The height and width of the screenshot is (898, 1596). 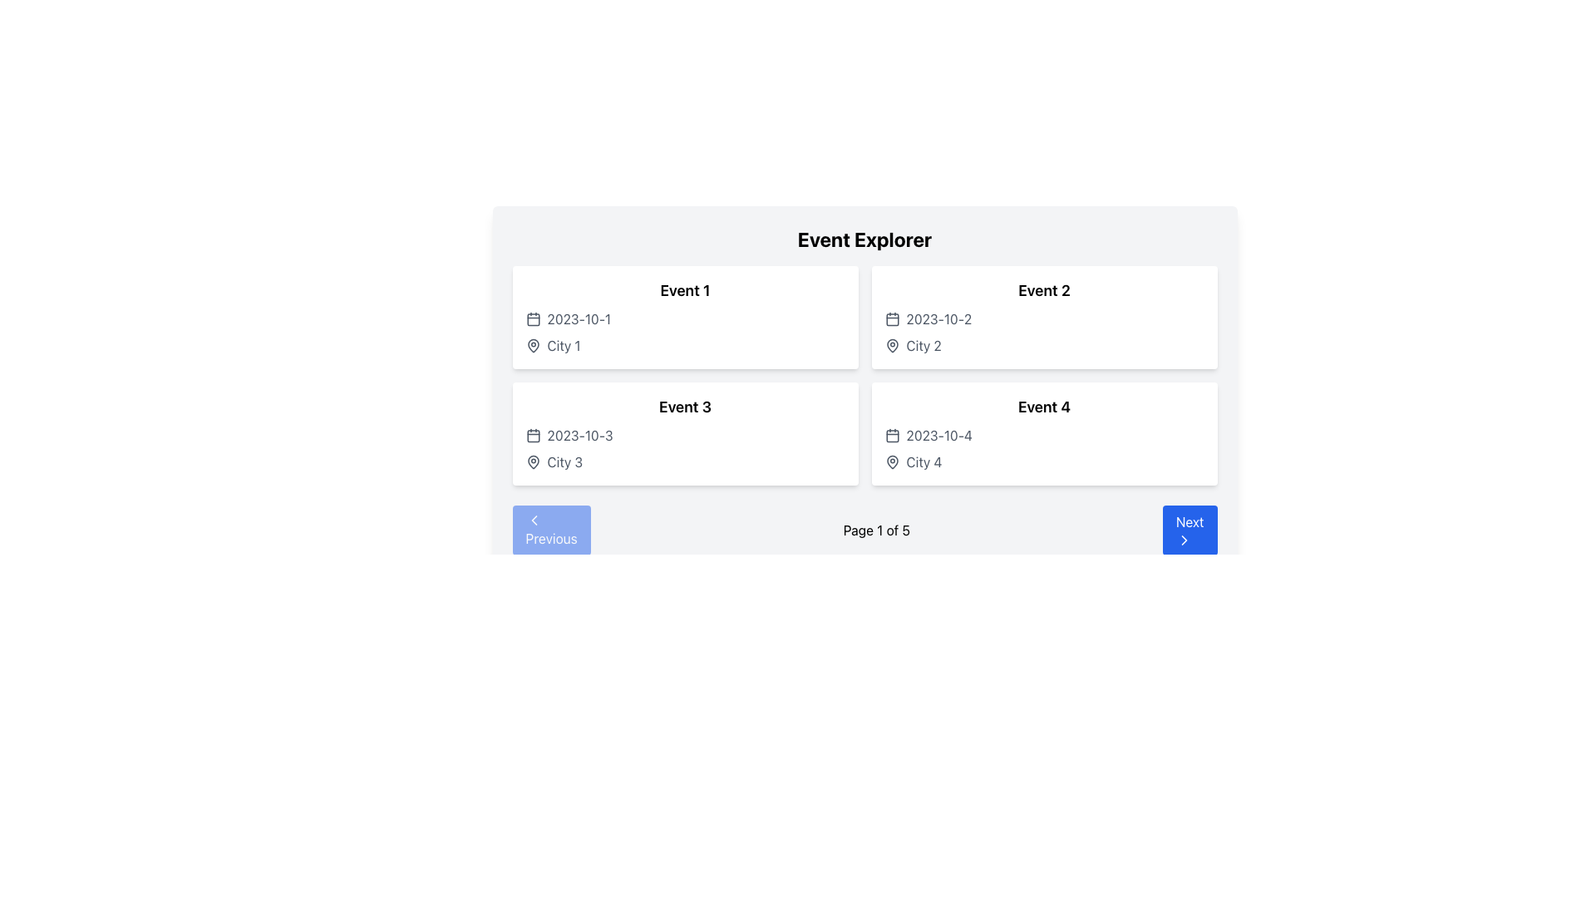 What do you see at coordinates (1043, 407) in the screenshot?
I see `the Static Text element displaying 'Event 4', which is a bold and larger font header located in the lower right quadrant of the main event grid` at bounding box center [1043, 407].